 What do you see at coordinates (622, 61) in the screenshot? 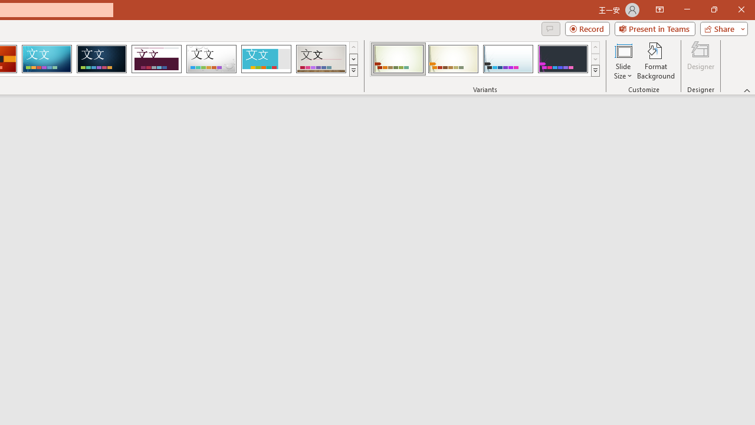
I see `'Slide Size'` at bounding box center [622, 61].